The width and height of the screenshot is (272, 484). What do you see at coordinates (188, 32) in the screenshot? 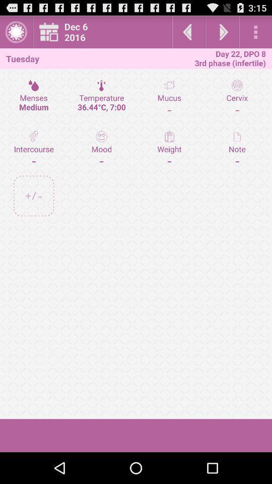
I see `go back` at bounding box center [188, 32].